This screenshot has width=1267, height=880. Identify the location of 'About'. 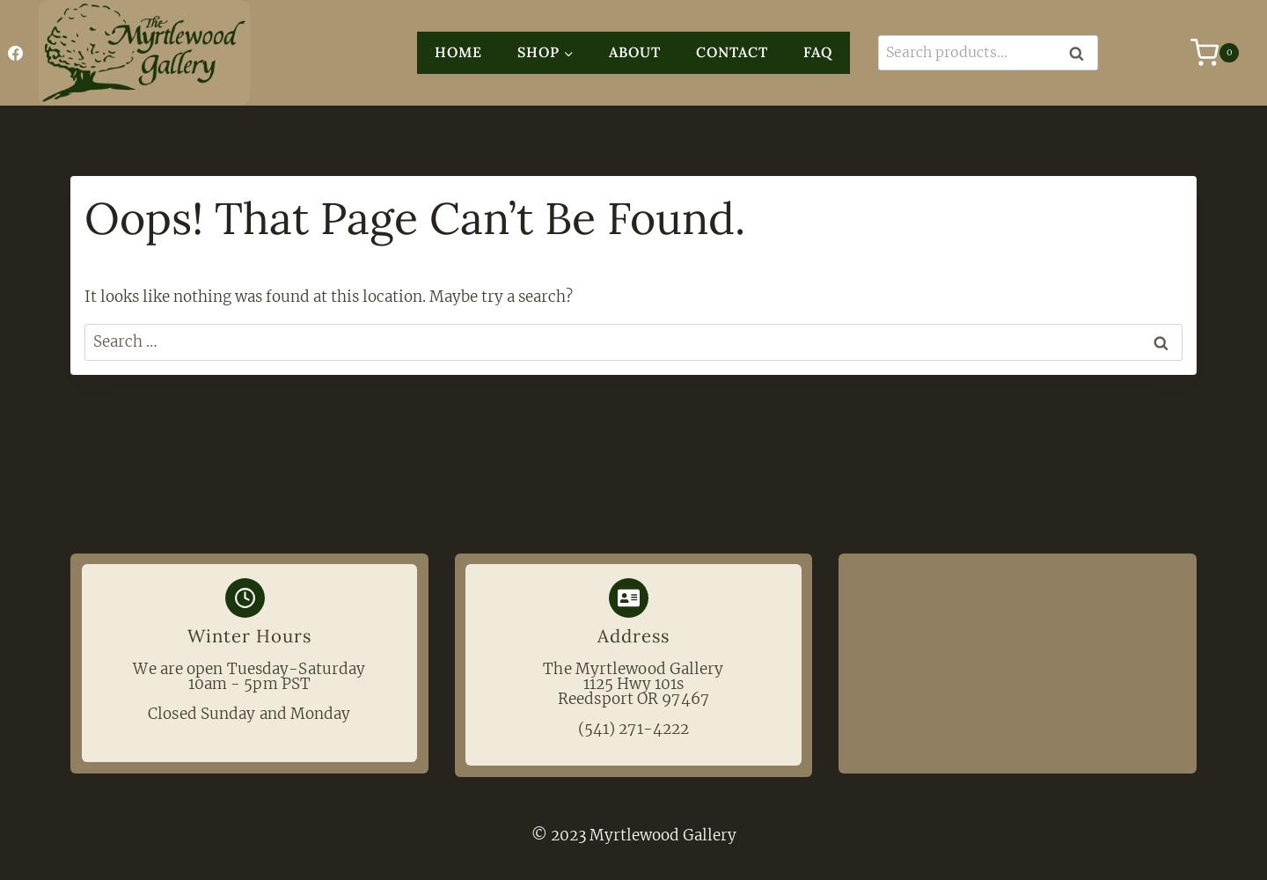
(633, 52).